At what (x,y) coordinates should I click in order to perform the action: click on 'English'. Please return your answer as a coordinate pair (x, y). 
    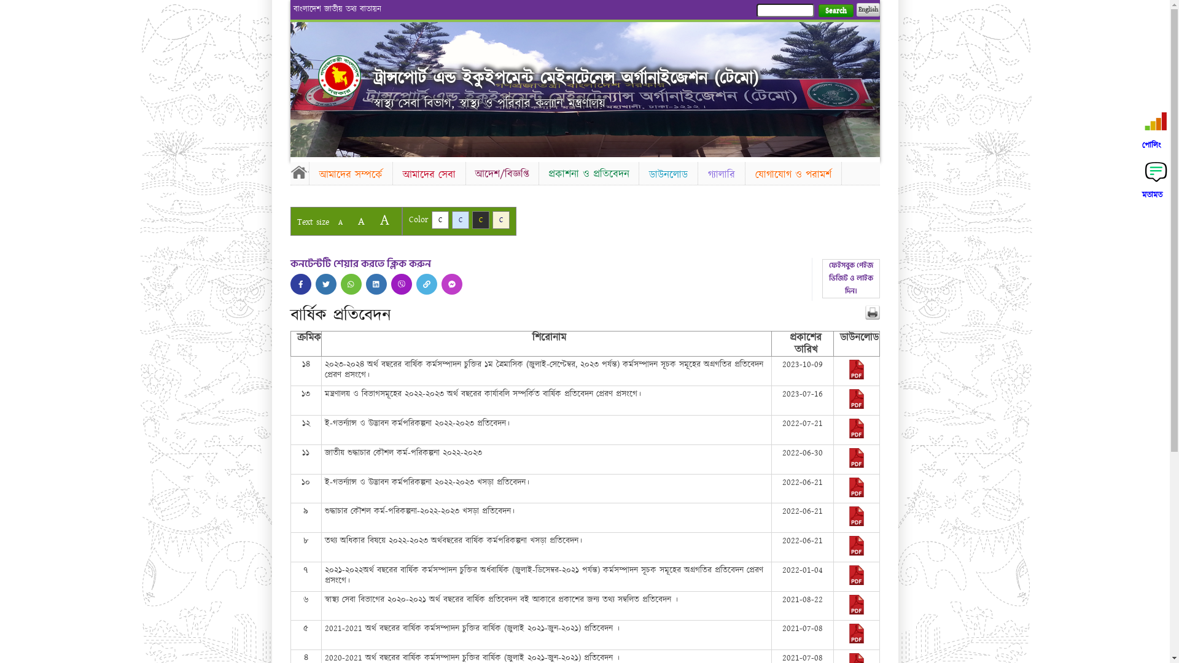
    Looking at the image, I should click on (866, 9).